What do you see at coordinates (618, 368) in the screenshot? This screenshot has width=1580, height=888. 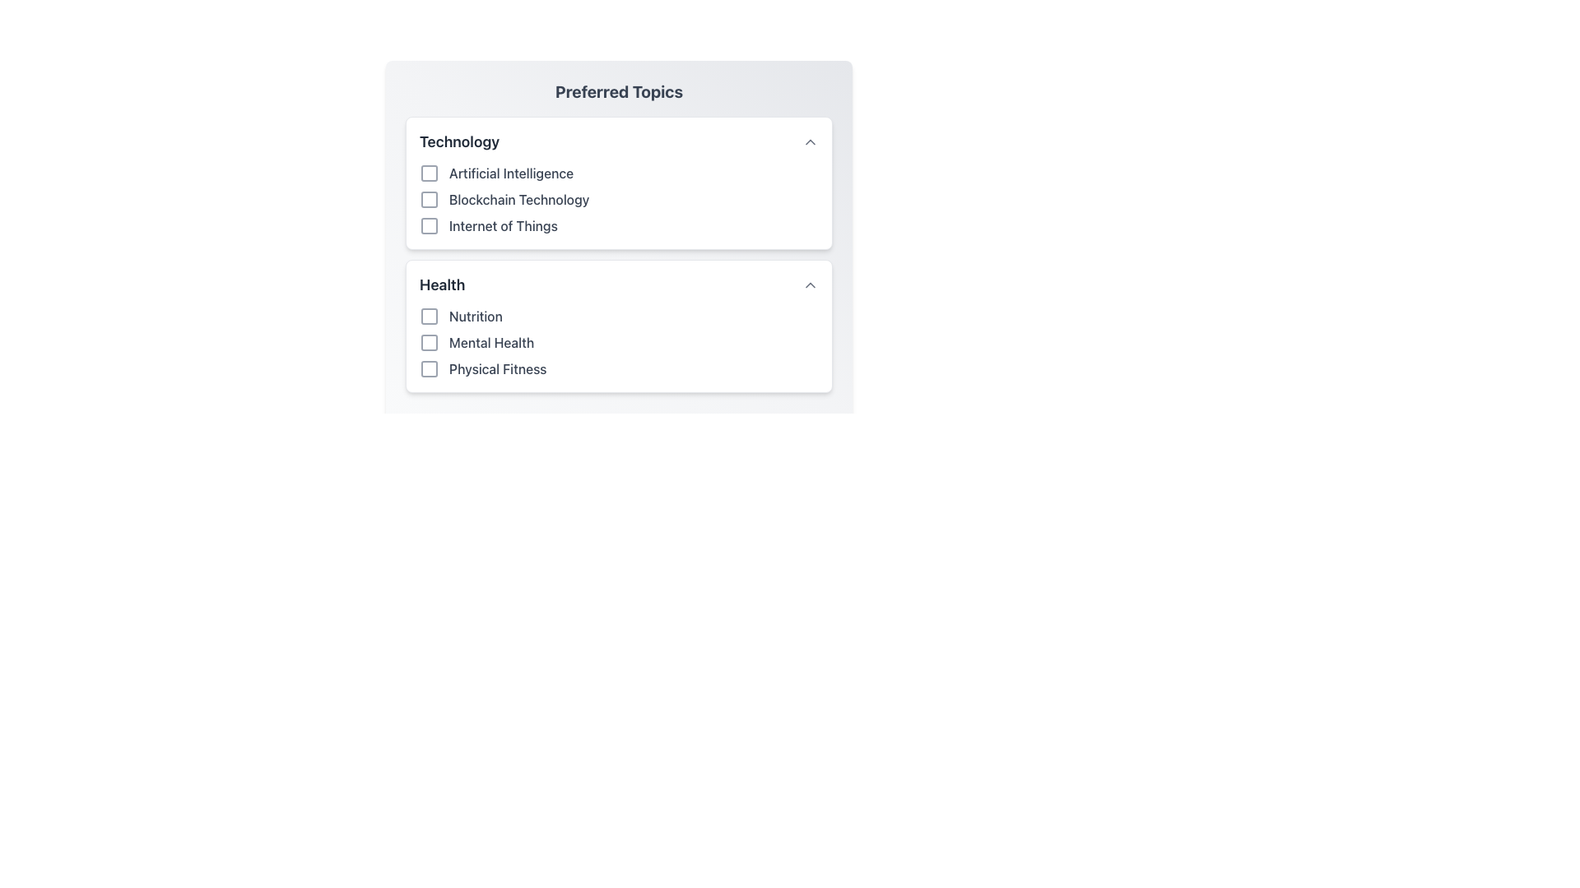 I see `the checkbox for 'Physical Fitness' in the 'Health' section` at bounding box center [618, 368].